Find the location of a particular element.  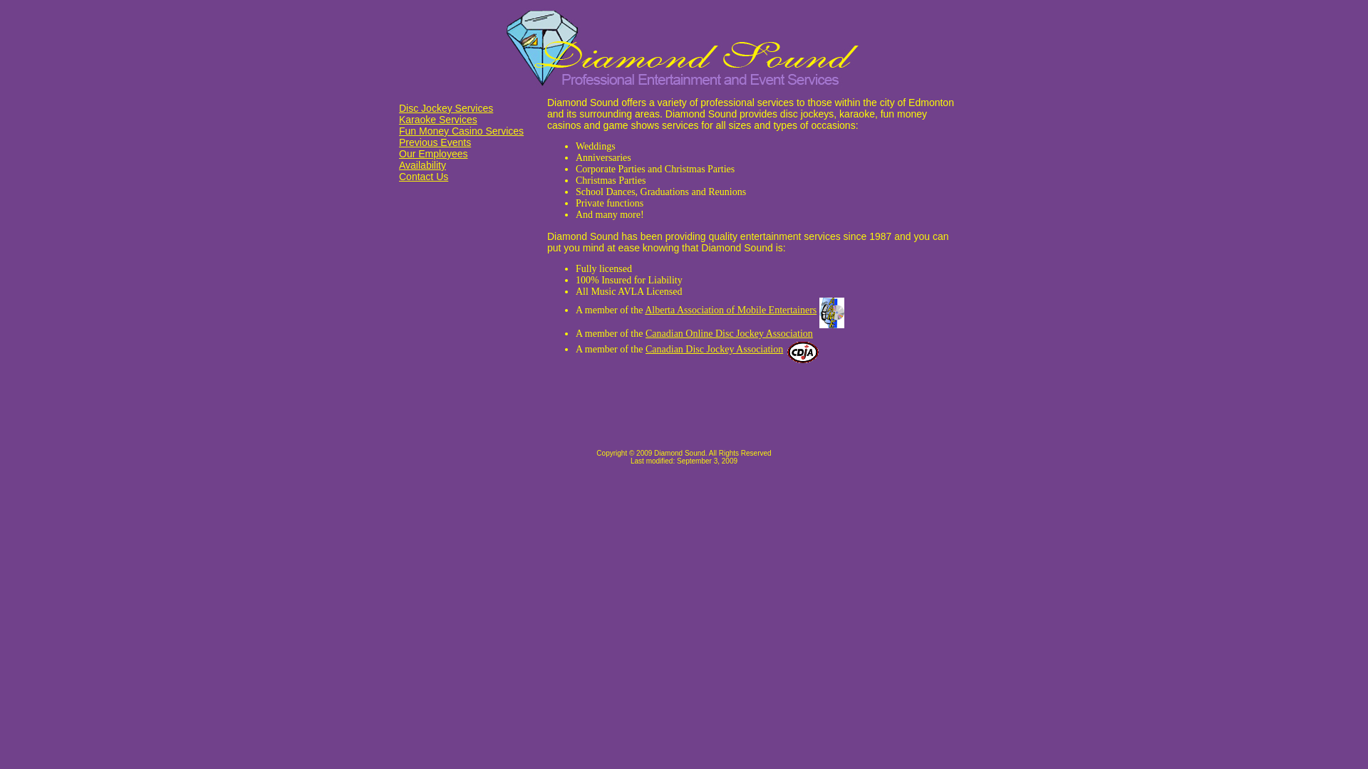

'Disc Jockey Services' is located at coordinates (445, 107).